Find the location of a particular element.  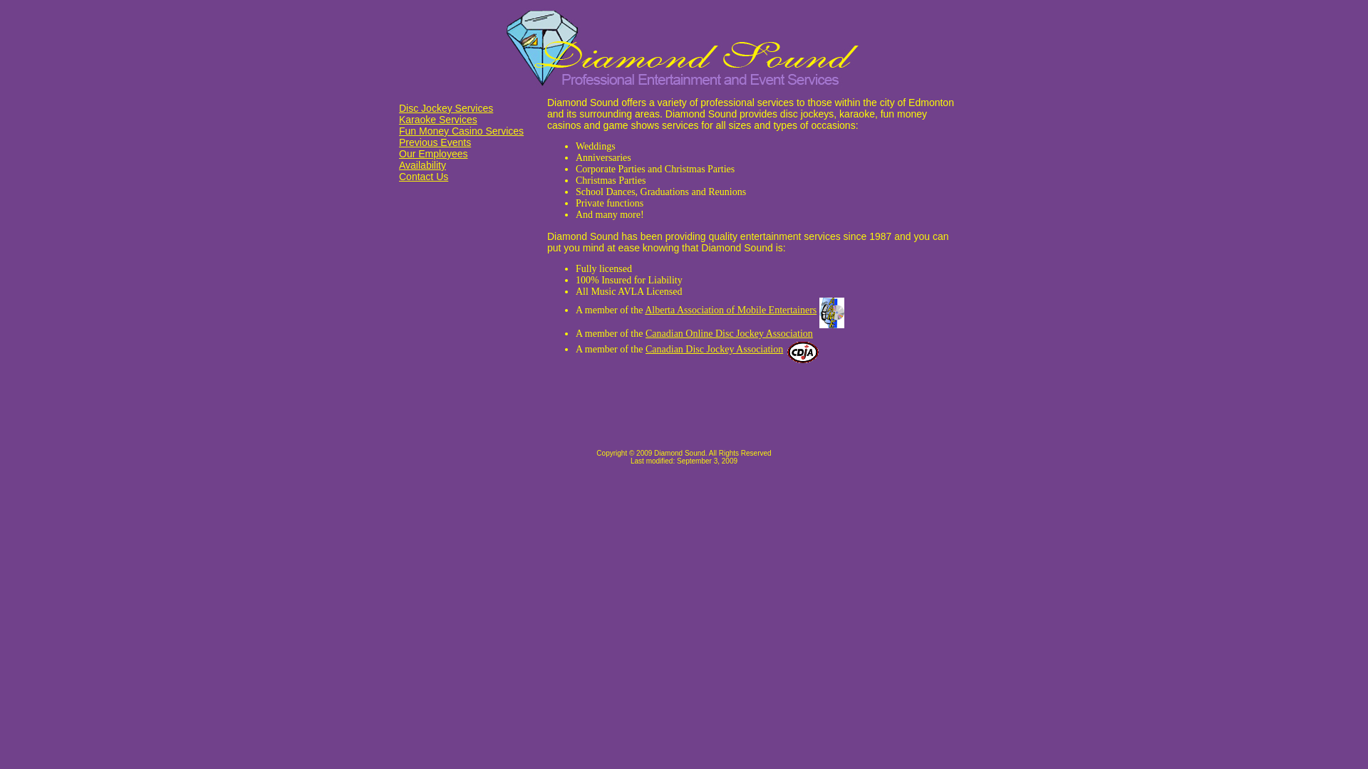

'Disc Jockey Services' is located at coordinates (445, 107).